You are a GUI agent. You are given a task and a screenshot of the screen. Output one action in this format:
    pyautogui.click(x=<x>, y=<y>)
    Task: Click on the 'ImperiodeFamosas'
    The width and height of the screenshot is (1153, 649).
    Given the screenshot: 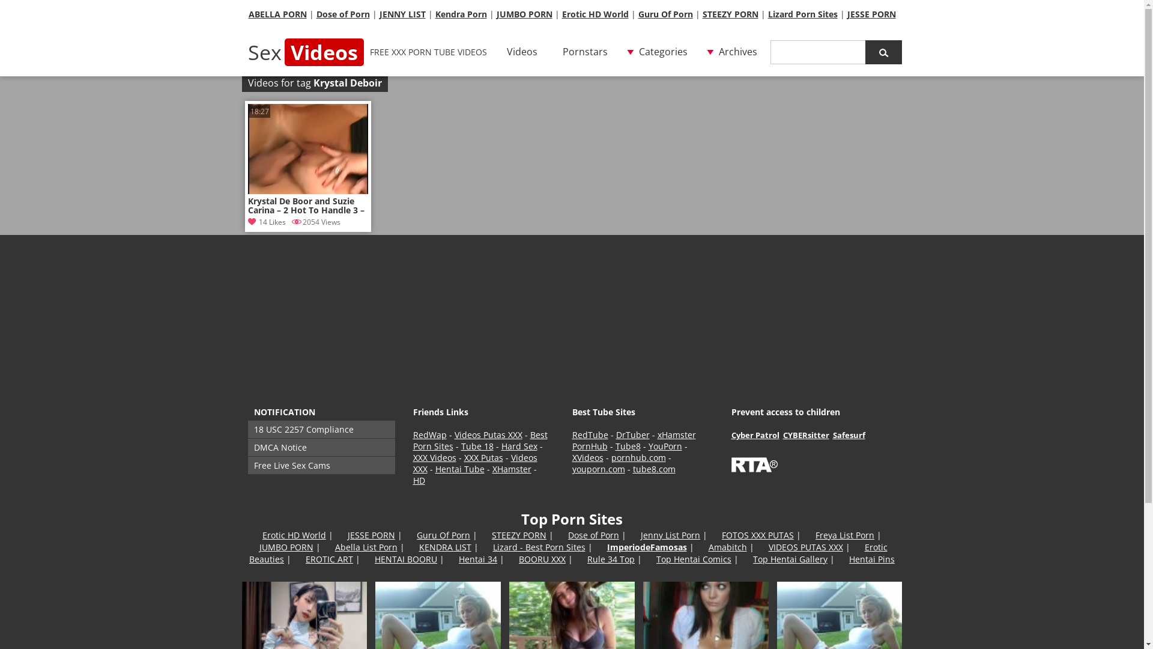 What is the action you would take?
    pyautogui.click(x=606, y=547)
    